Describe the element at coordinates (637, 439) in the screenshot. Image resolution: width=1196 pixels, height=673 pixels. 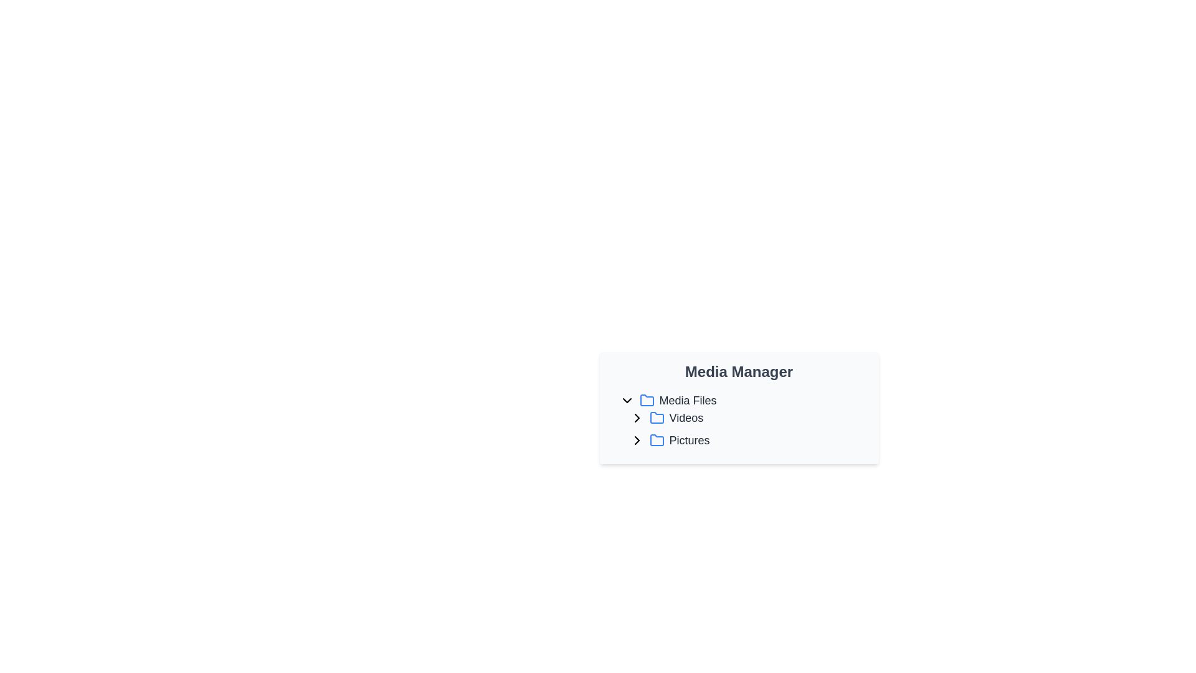
I see `the chevron icon next to 'Pictures' in the Media Manager` at that location.